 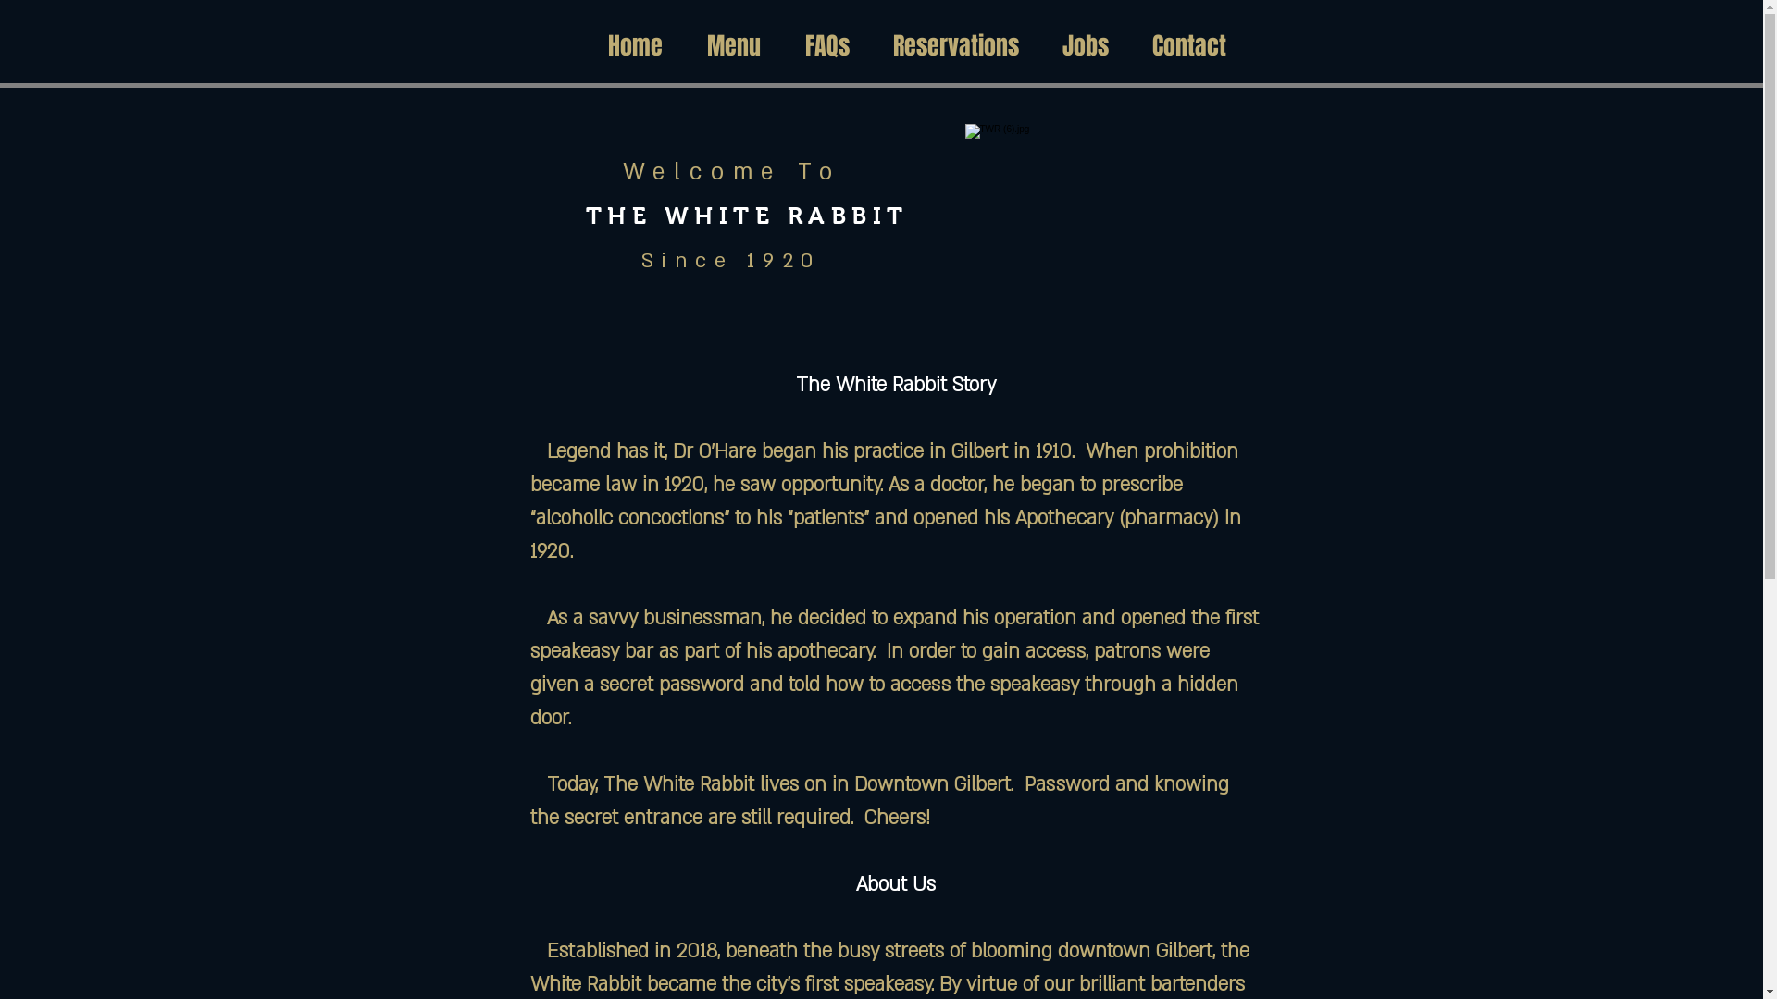 I want to click on 'Reservations', so click(x=956, y=45).